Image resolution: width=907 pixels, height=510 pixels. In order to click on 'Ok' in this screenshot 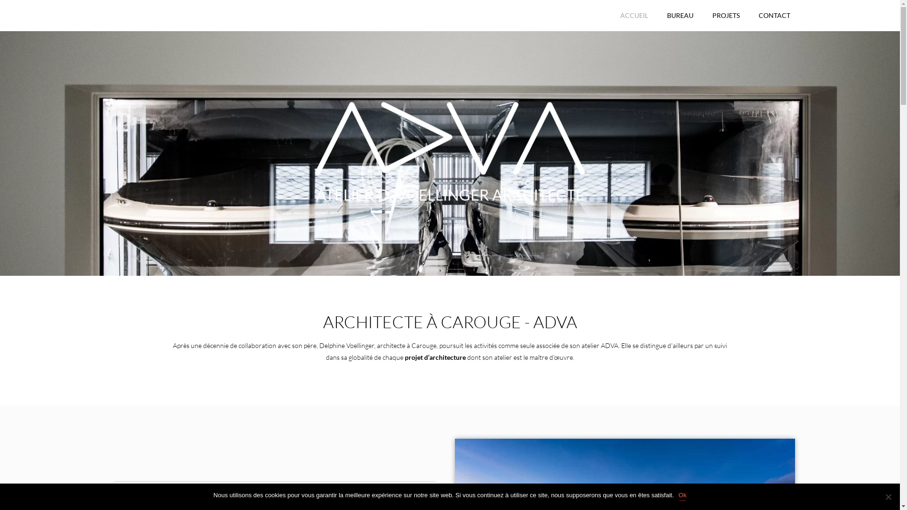, I will do `click(678, 495)`.